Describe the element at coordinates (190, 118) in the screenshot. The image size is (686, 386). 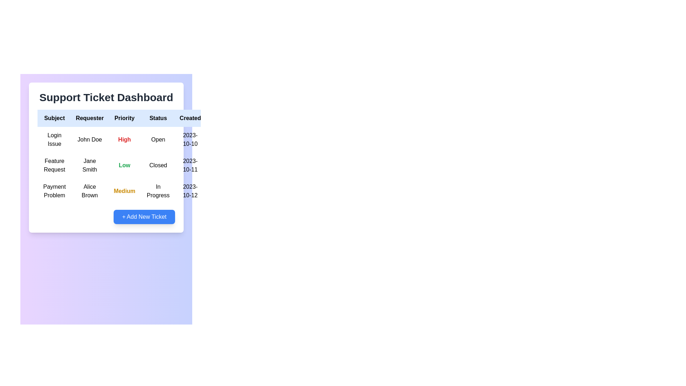
I see `the Table Header Cell that labels the column displaying the creation dates of the listed tickets to sort the column` at that location.